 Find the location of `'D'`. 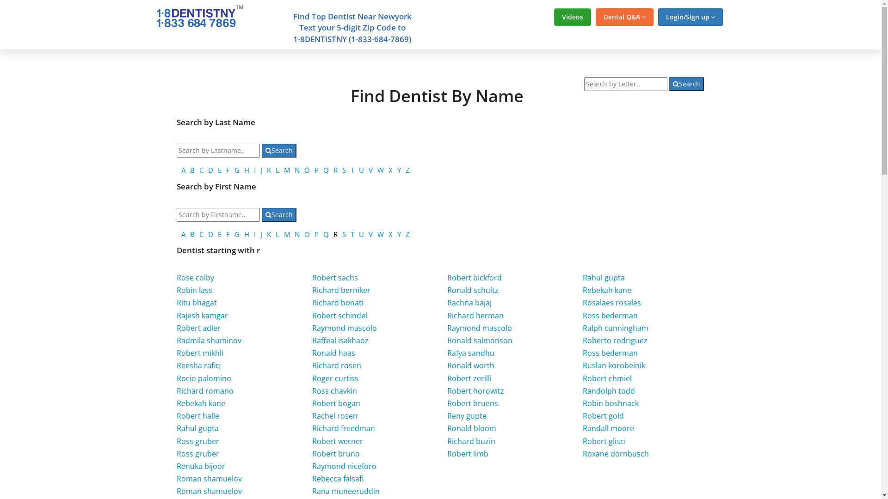

'D' is located at coordinates (208, 170).